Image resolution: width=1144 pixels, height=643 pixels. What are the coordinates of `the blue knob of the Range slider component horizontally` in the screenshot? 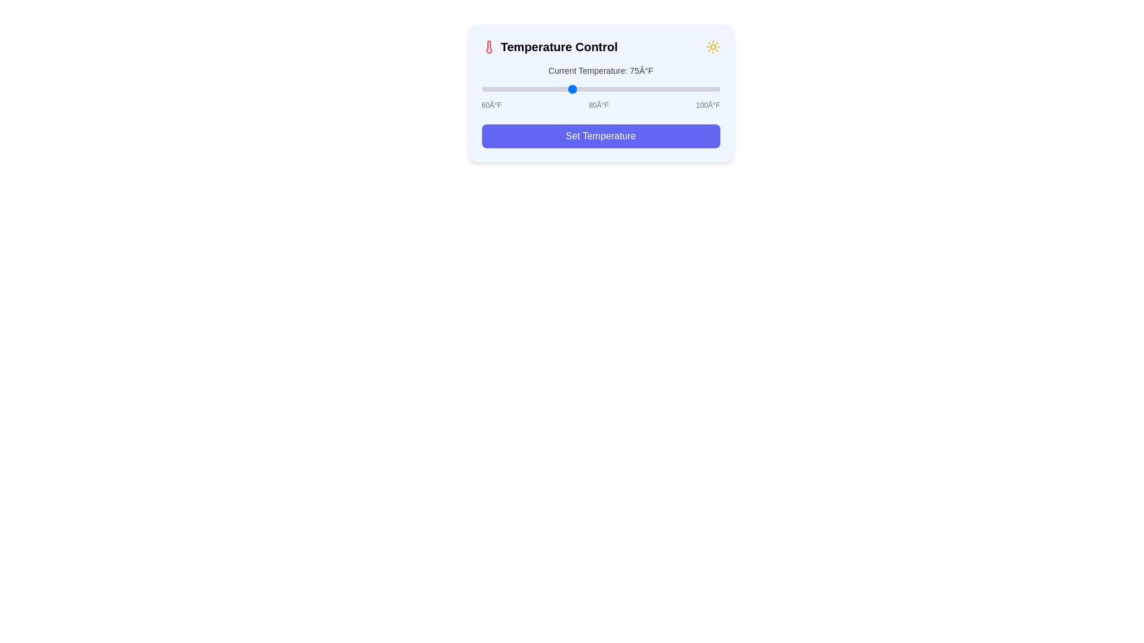 It's located at (601, 86).